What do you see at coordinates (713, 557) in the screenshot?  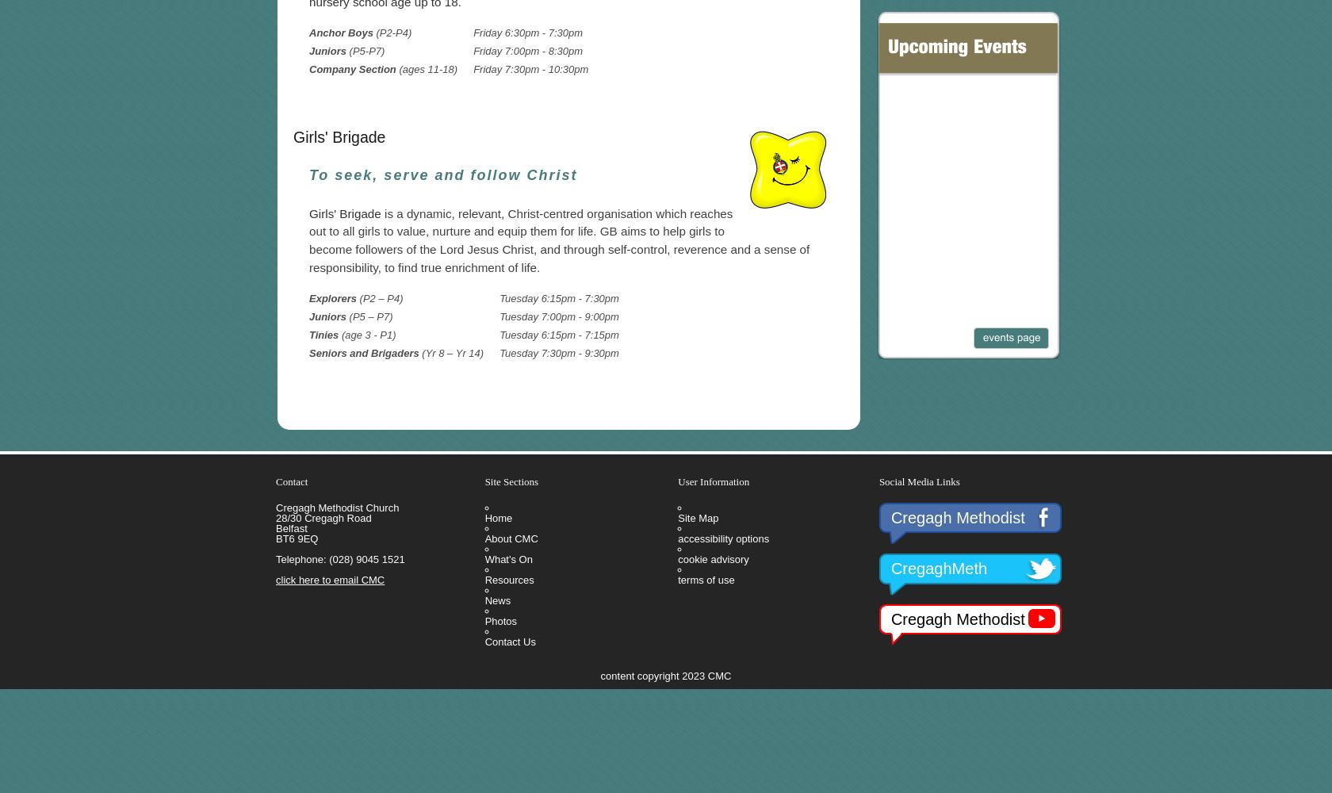 I see `'cookie advisory'` at bounding box center [713, 557].